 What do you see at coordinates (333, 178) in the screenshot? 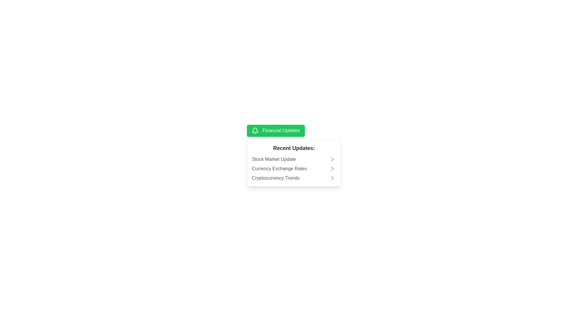
I see `the icon located next to the 'Cryptocurrency Trends' text item, which indicates an actionable operation such as expanding details or navigating to another page` at bounding box center [333, 178].